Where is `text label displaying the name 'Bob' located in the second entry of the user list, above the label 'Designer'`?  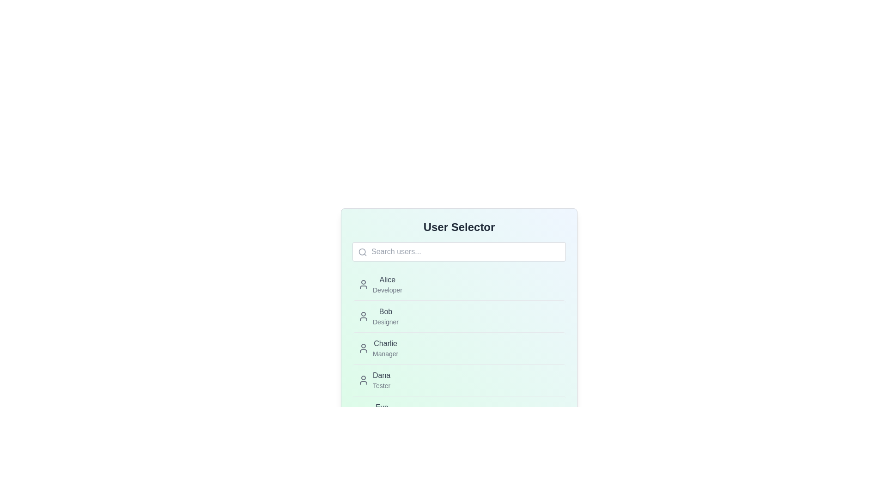
text label displaying the name 'Bob' located in the second entry of the user list, above the label 'Designer' is located at coordinates (386, 312).